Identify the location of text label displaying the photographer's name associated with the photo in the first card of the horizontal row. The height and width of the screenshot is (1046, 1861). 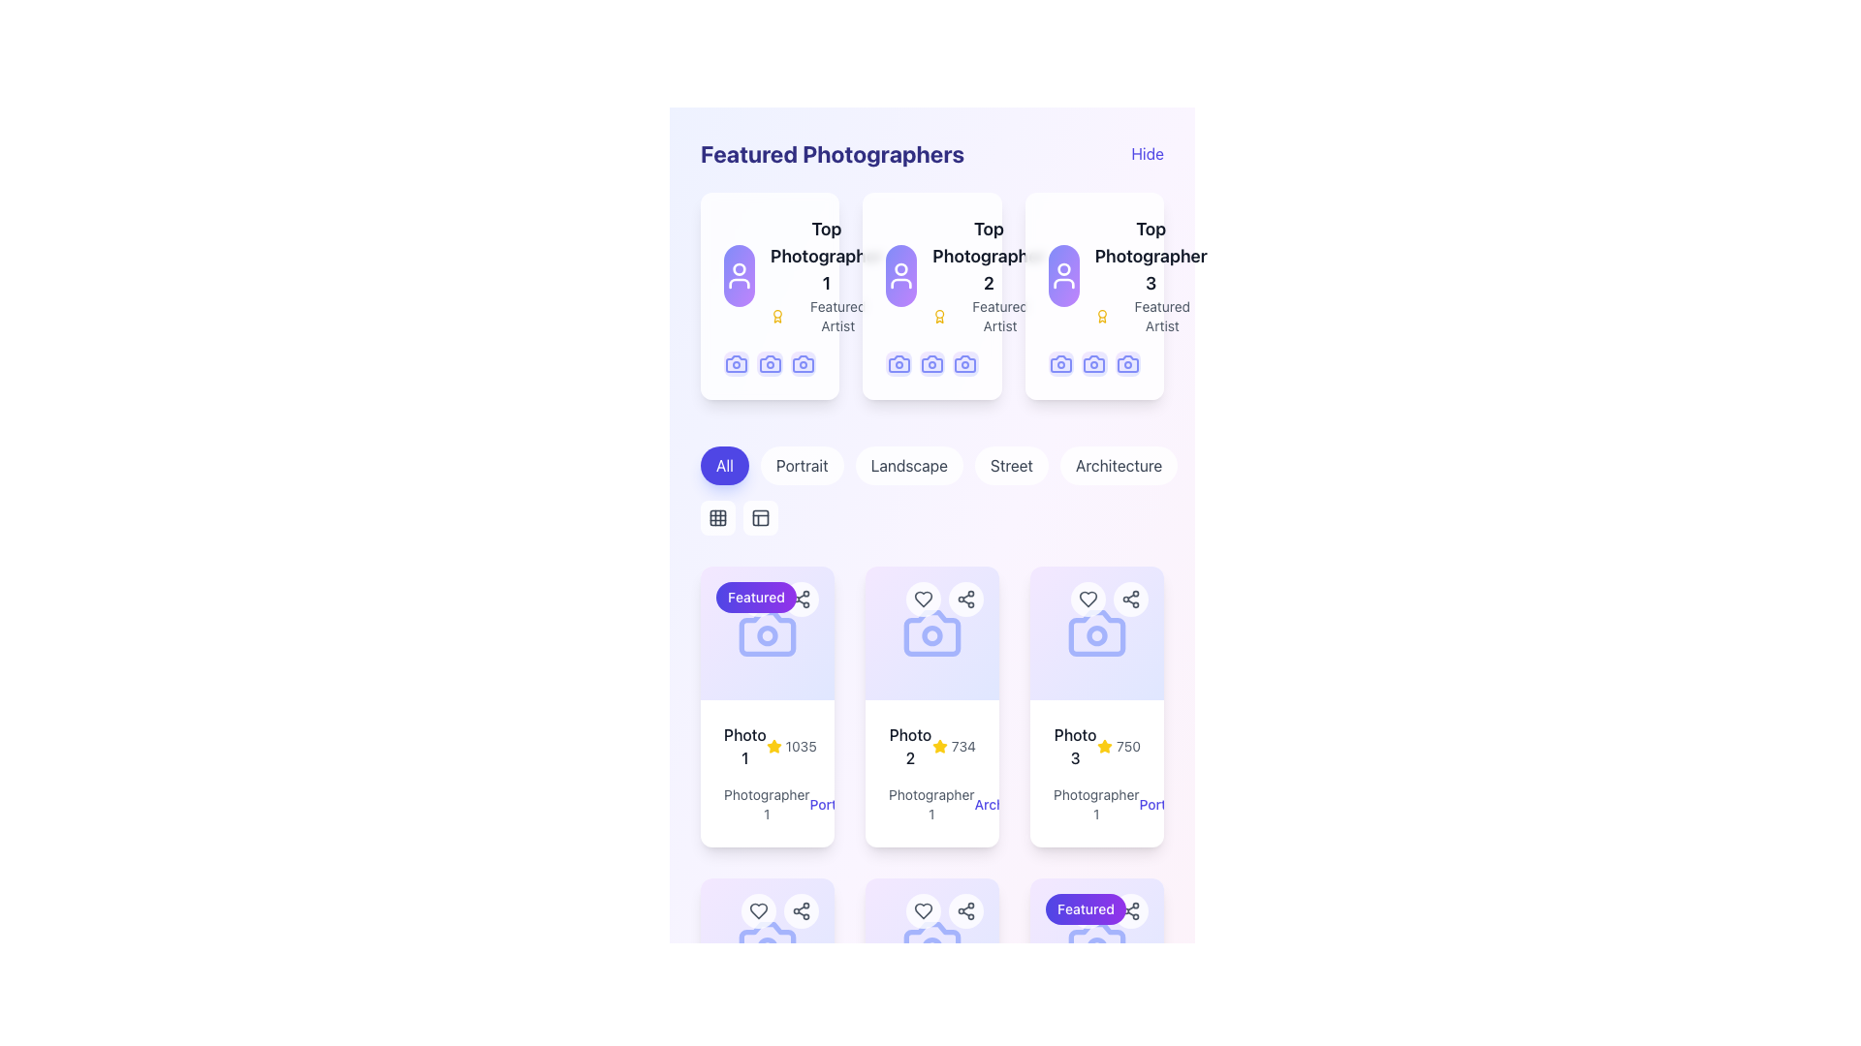
(766, 805).